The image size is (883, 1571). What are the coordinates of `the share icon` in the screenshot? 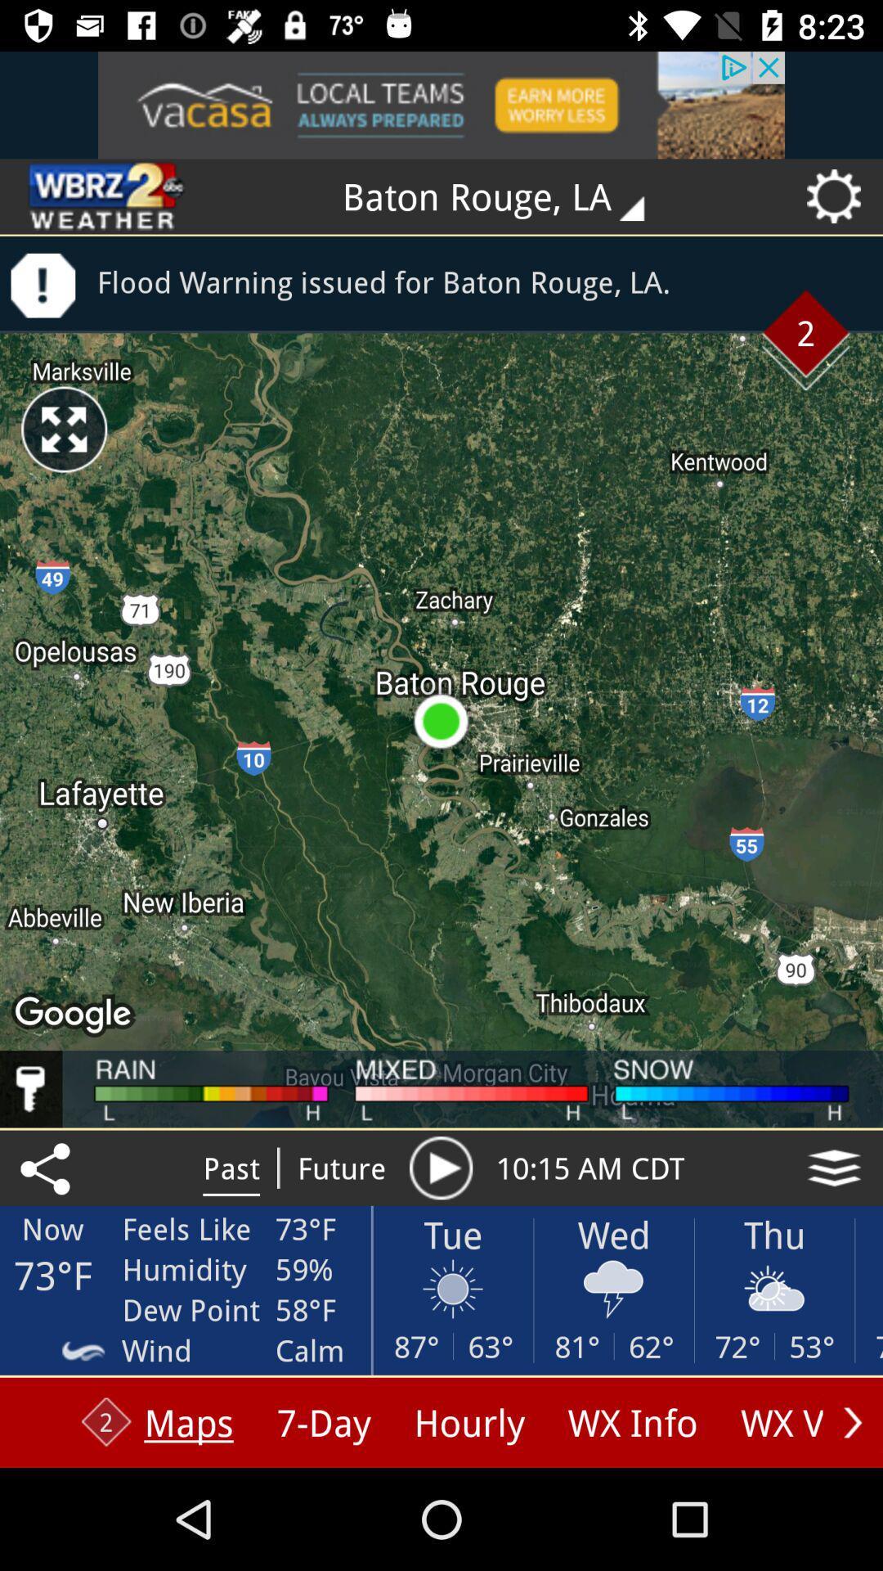 It's located at (47, 1167).